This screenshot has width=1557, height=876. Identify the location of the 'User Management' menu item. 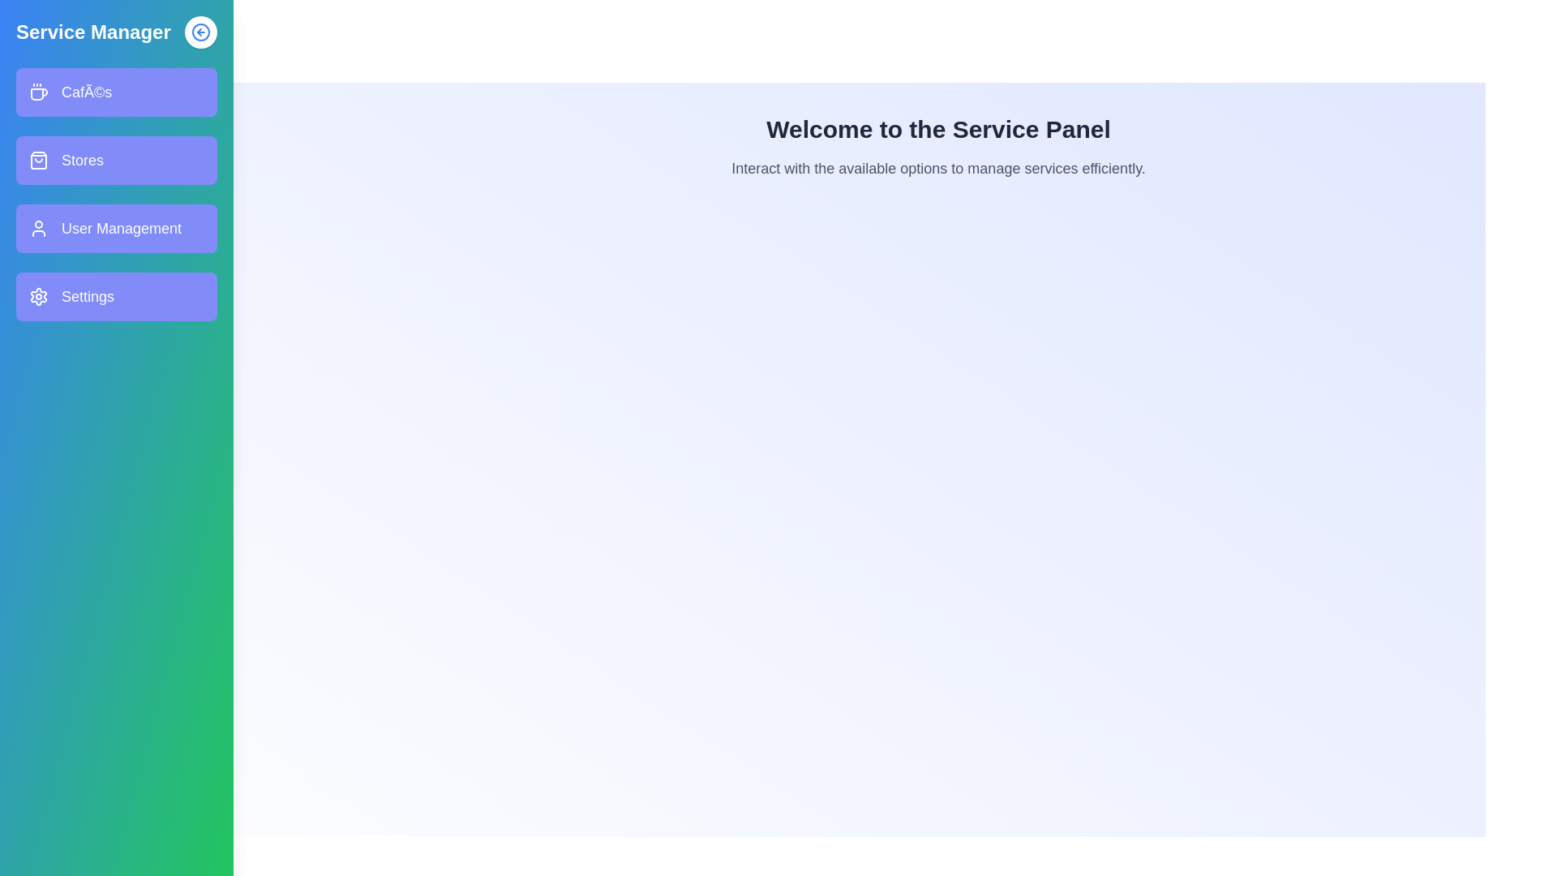
(116, 228).